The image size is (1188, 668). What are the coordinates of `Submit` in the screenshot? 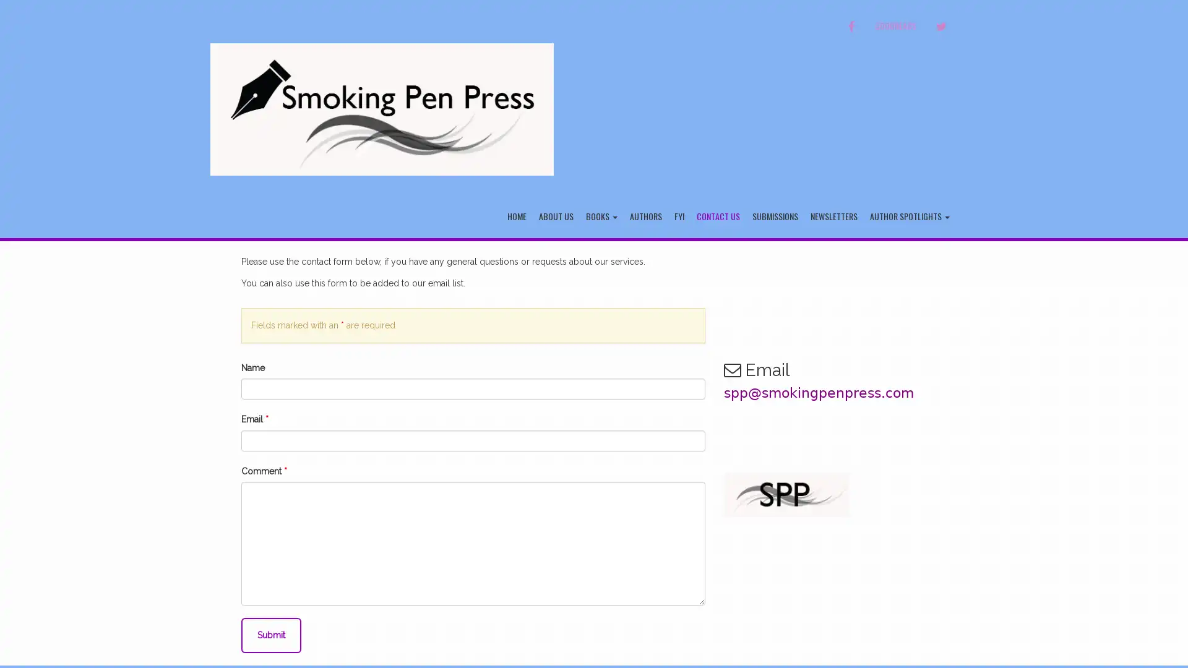 It's located at (270, 635).